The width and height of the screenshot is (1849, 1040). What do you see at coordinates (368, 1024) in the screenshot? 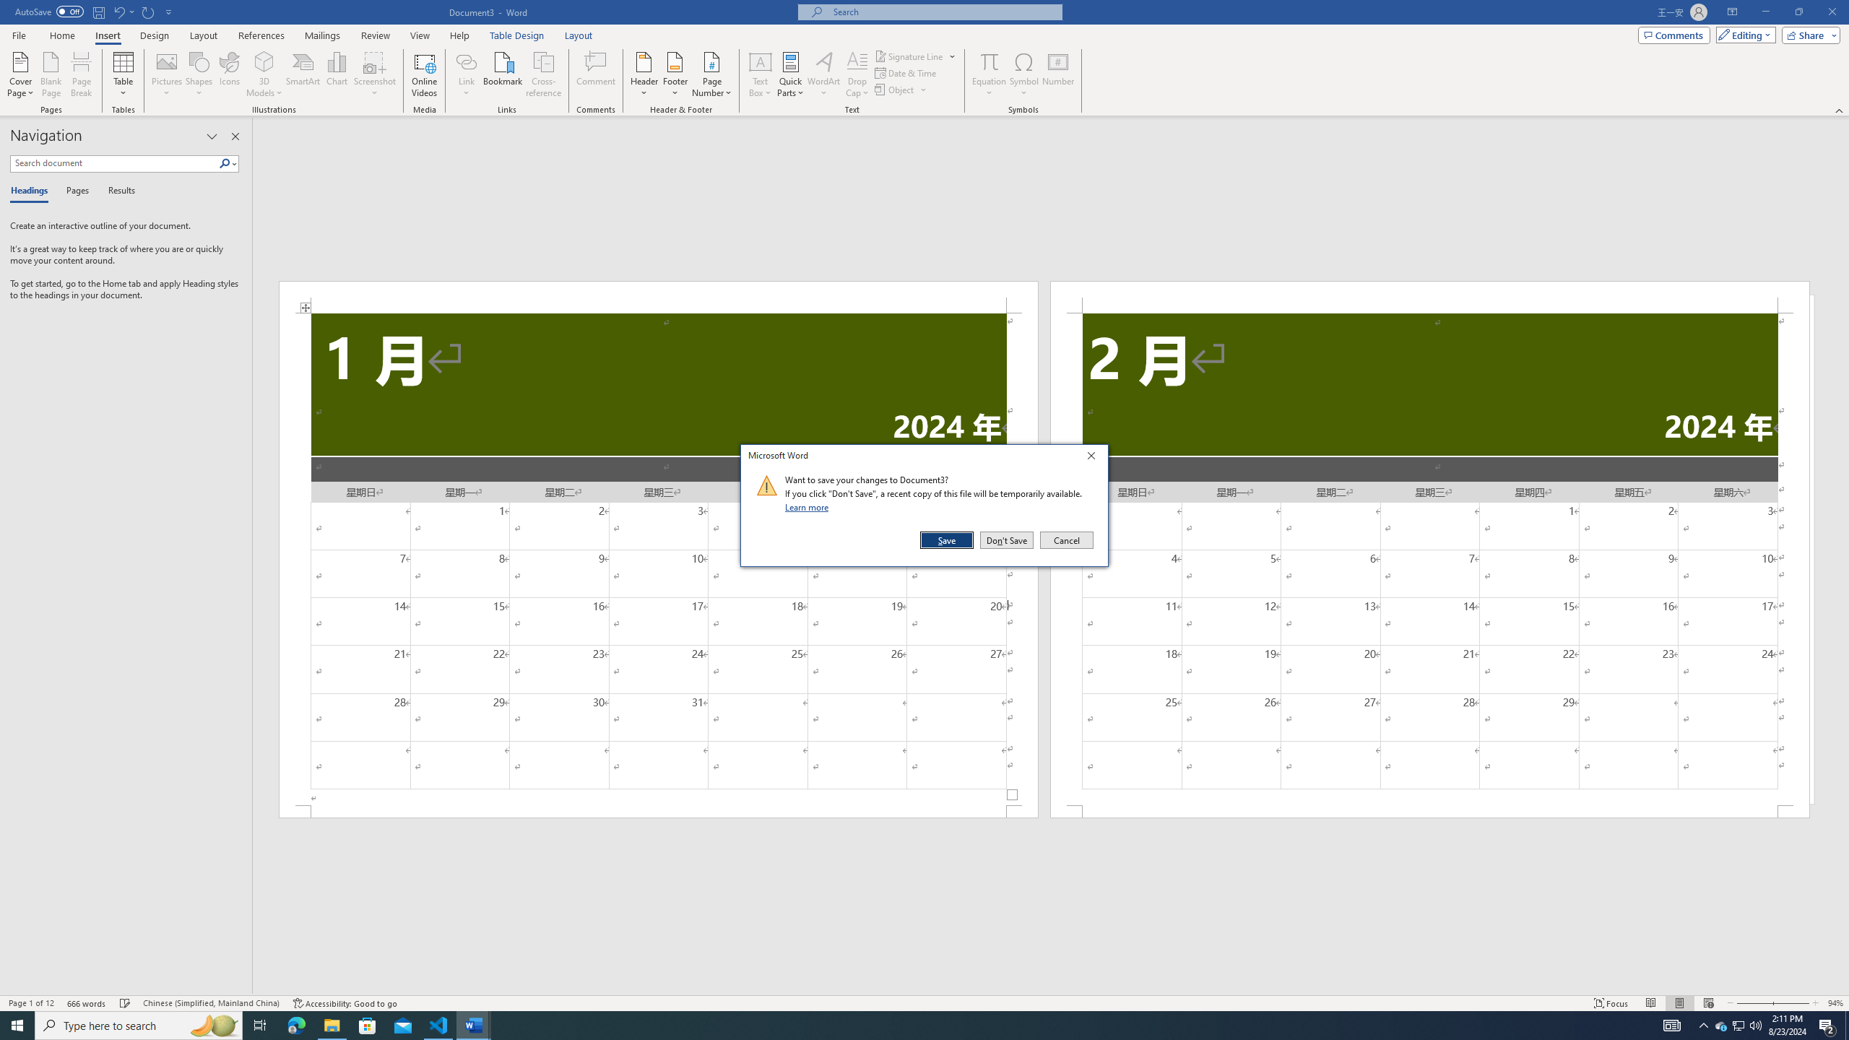
I see `'Microsoft Store'` at bounding box center [368, 1024].